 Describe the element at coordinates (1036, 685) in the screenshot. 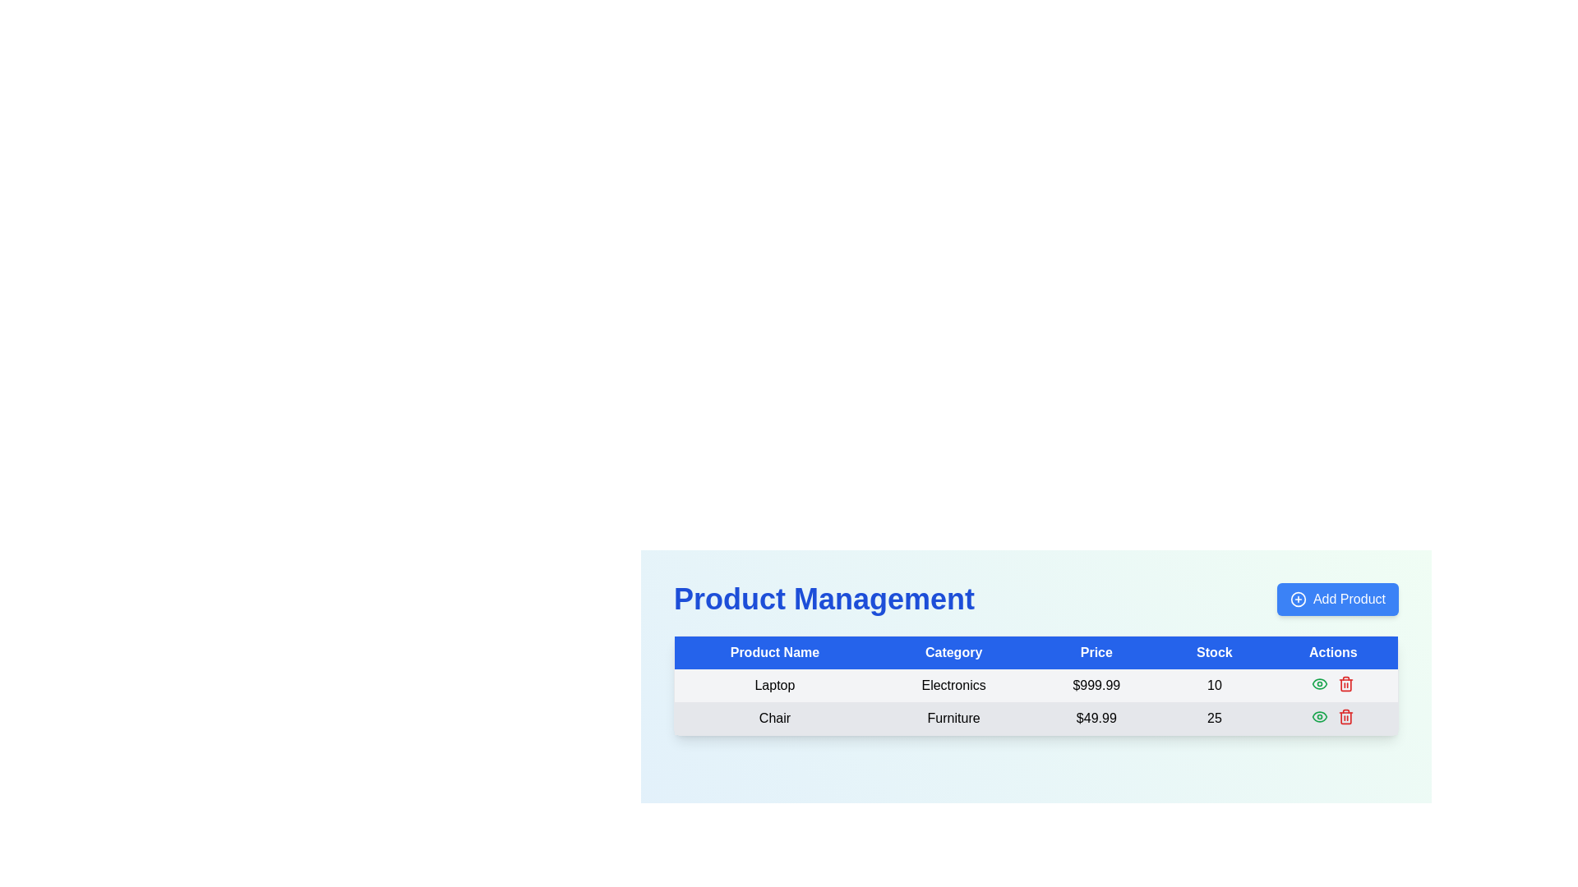

I see `the first product entry row in the table` at that location.